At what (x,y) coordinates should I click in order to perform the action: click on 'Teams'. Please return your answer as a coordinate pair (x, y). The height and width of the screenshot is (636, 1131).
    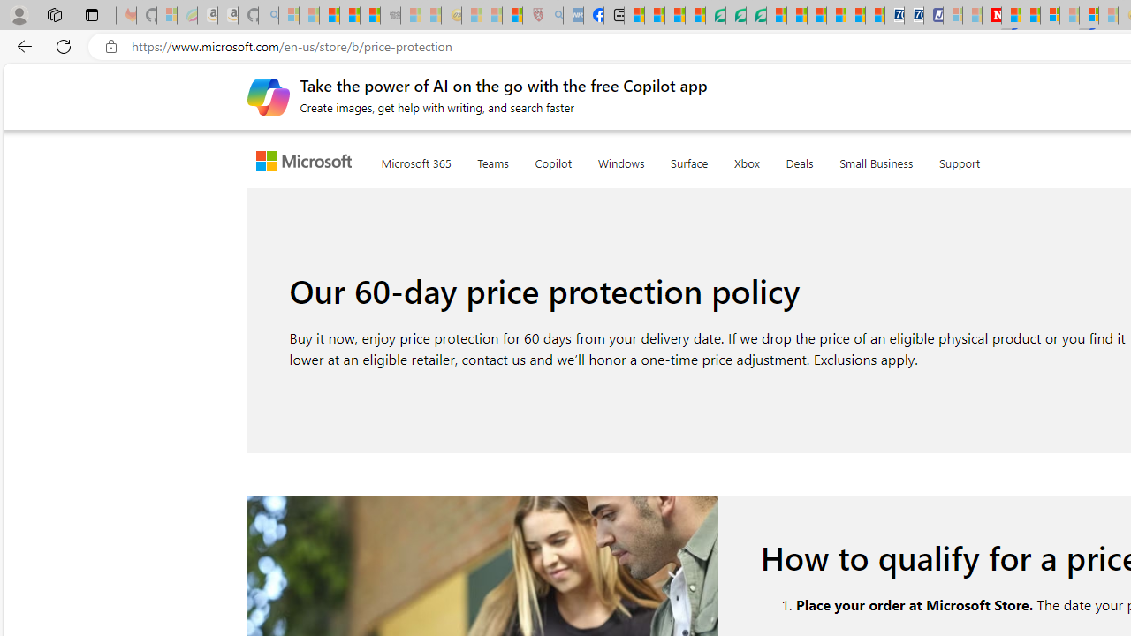
    Looking at the image, I should click on (493, 160).